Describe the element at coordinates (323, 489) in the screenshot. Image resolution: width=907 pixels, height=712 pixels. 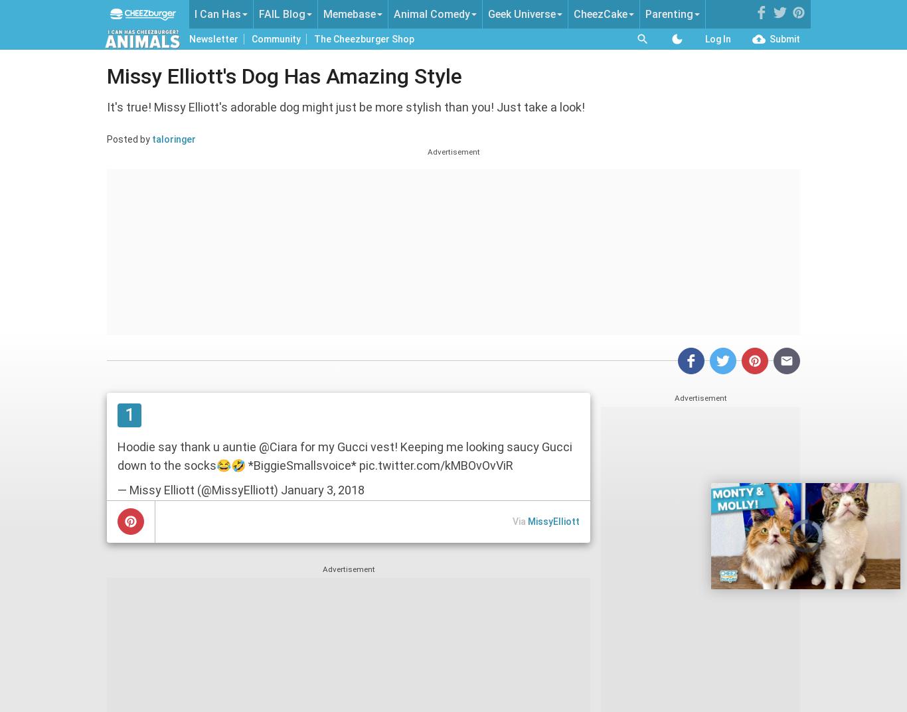
I see `'January 3, 2018'` at that location.